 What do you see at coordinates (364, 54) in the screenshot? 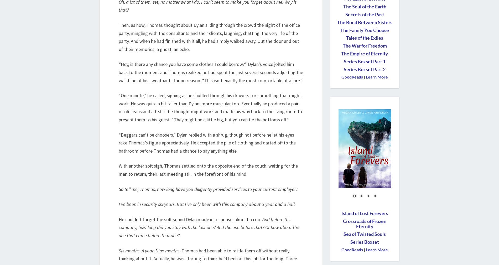
I see `'The Empire of Eternity'` at bounding box center [364, 54].